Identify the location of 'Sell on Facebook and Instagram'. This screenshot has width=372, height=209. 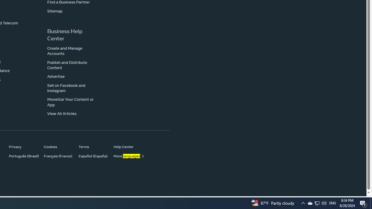
(66, 88).